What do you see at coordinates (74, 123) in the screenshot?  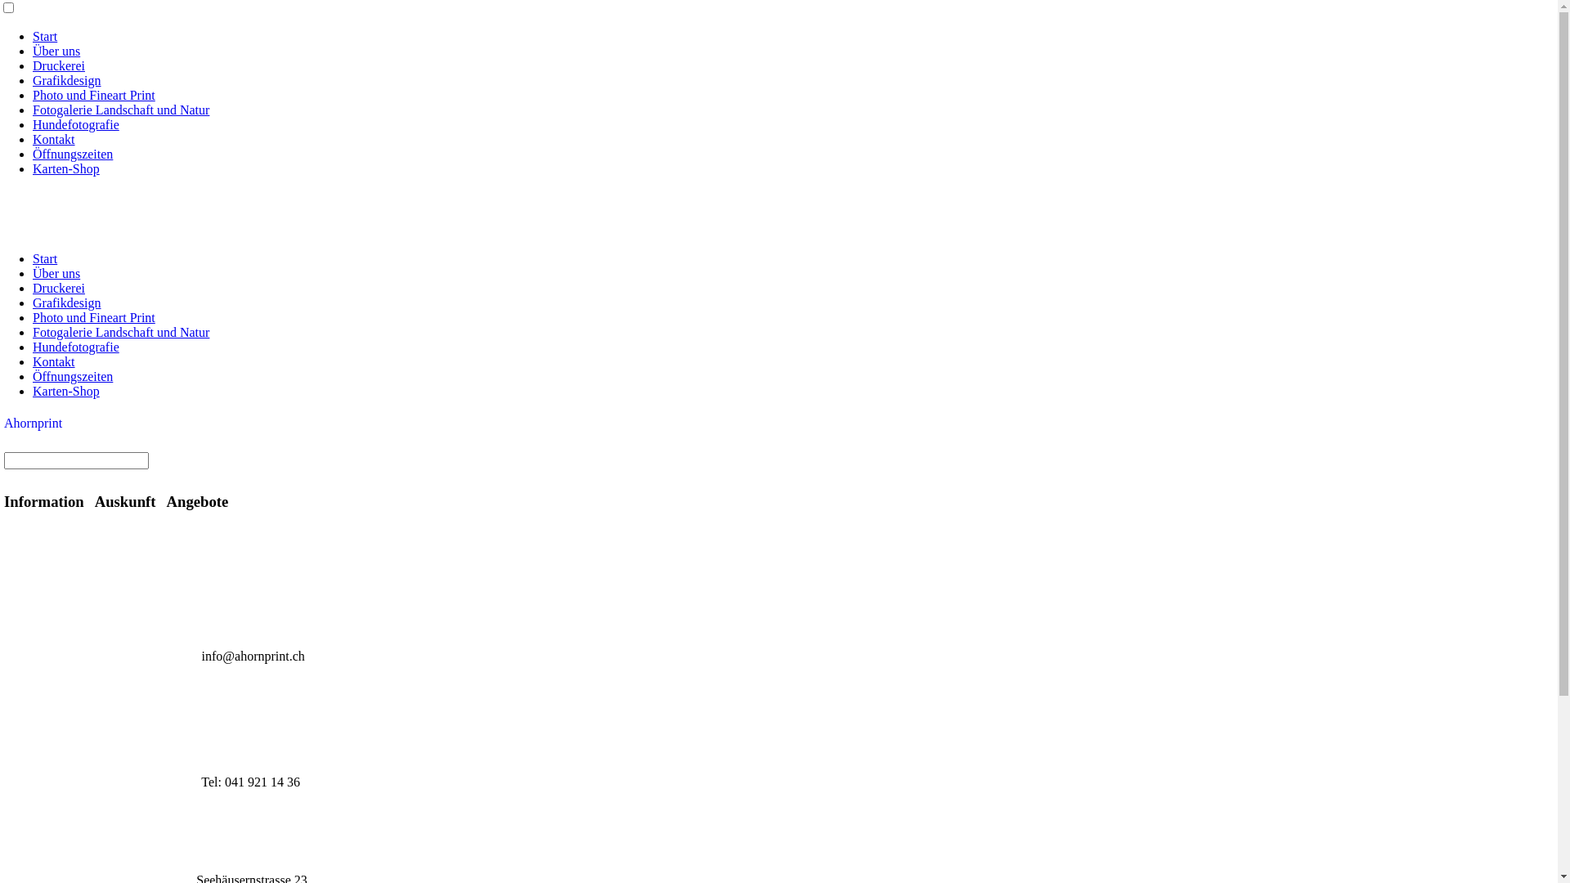 I see `'Hundefotografie'` at bounding box center [74, 123].